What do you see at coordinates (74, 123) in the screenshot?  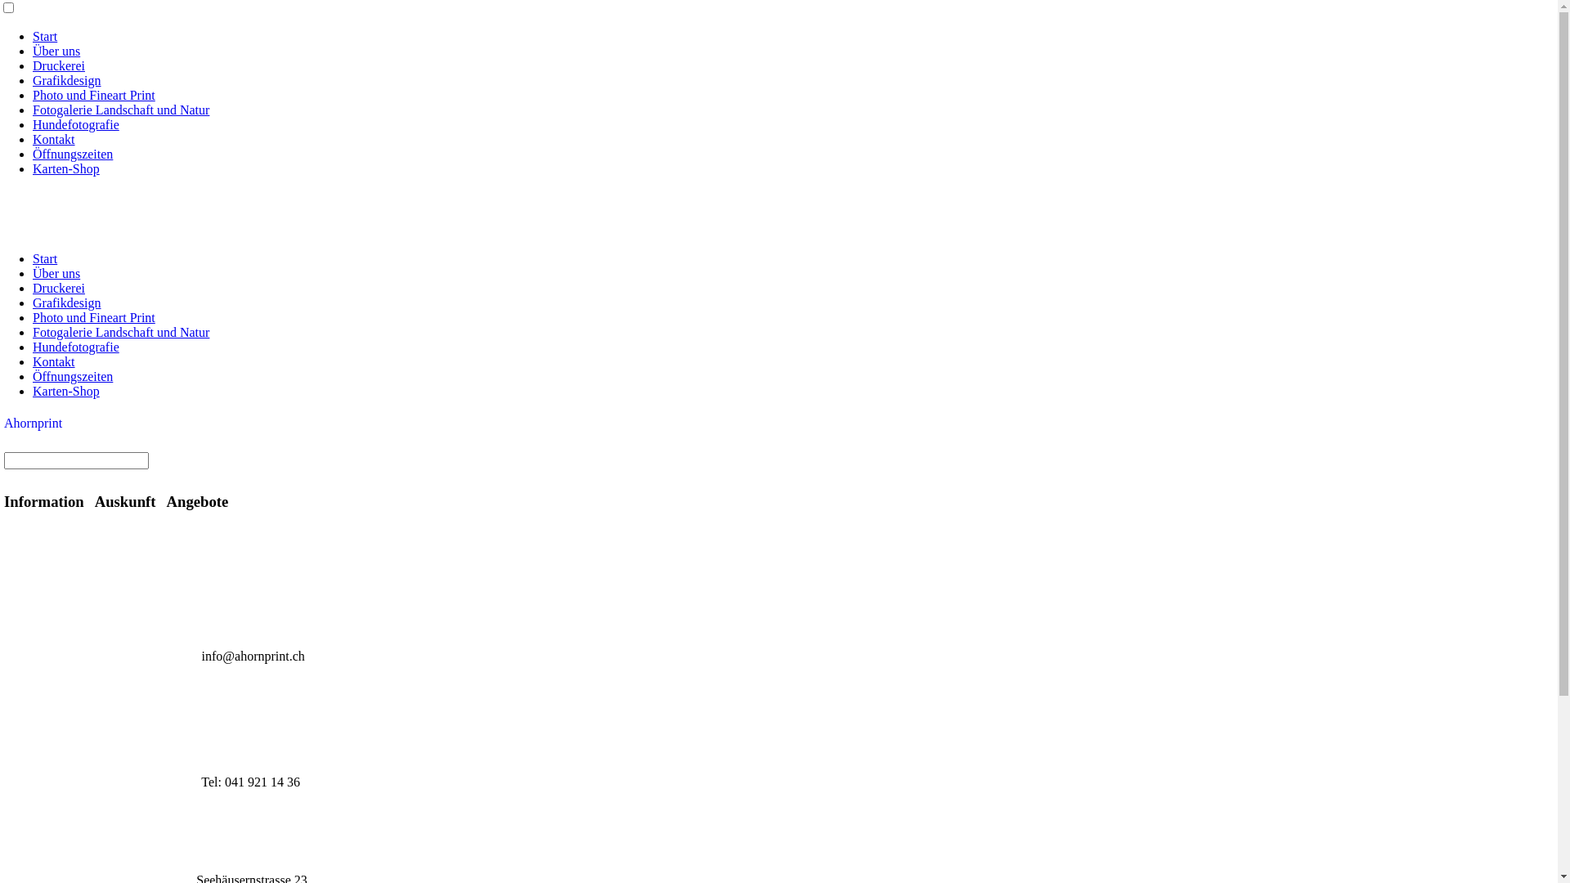 I see `'Hundefotografie'` at bounding box center [74, 123].